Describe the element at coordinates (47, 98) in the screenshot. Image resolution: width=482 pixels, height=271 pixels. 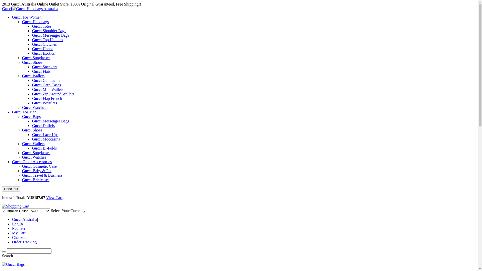
I see `'Gucci Flap French'` at that location.